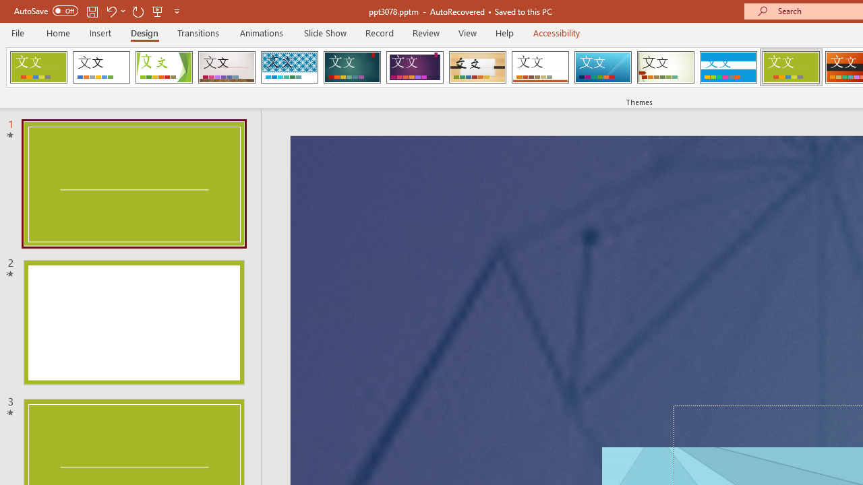 The image size is (863, 485). Describe the element at coordinates (163, 67) in the screenshot. I see `'Facet'` at that location.